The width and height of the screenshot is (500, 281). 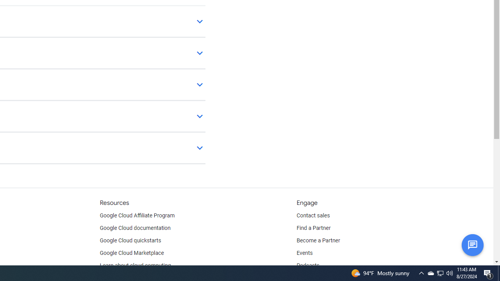 I want to click on 'Find a Partner', so click(x=314, y=228).